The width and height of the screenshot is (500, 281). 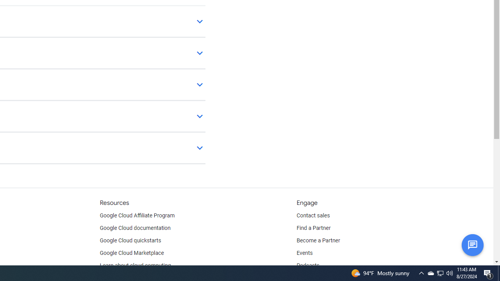 I want to click on 'Find a Partner', so click(x=314, y=228).